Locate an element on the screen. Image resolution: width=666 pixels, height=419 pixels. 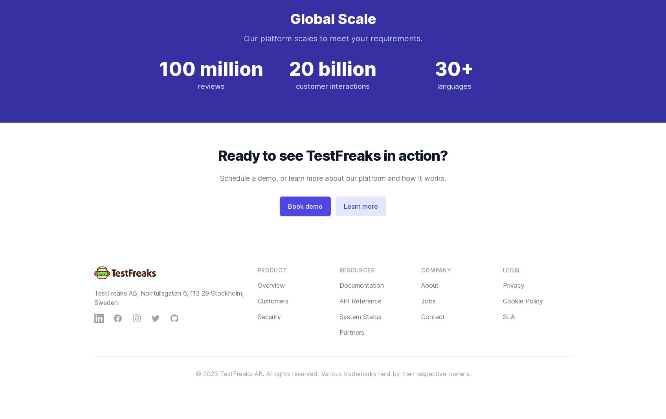
'Security' is located at coordinates (269, 317).